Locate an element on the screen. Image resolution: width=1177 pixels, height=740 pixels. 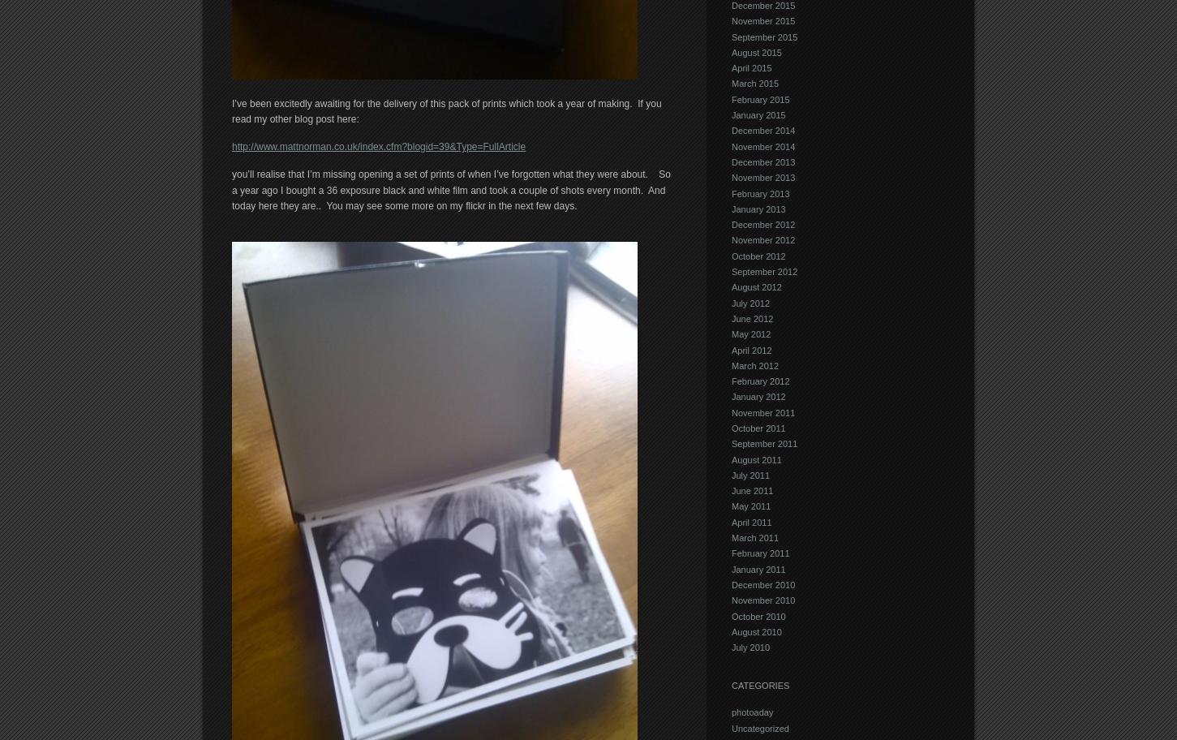
'August 2010' is located at coordinates (756, 631).